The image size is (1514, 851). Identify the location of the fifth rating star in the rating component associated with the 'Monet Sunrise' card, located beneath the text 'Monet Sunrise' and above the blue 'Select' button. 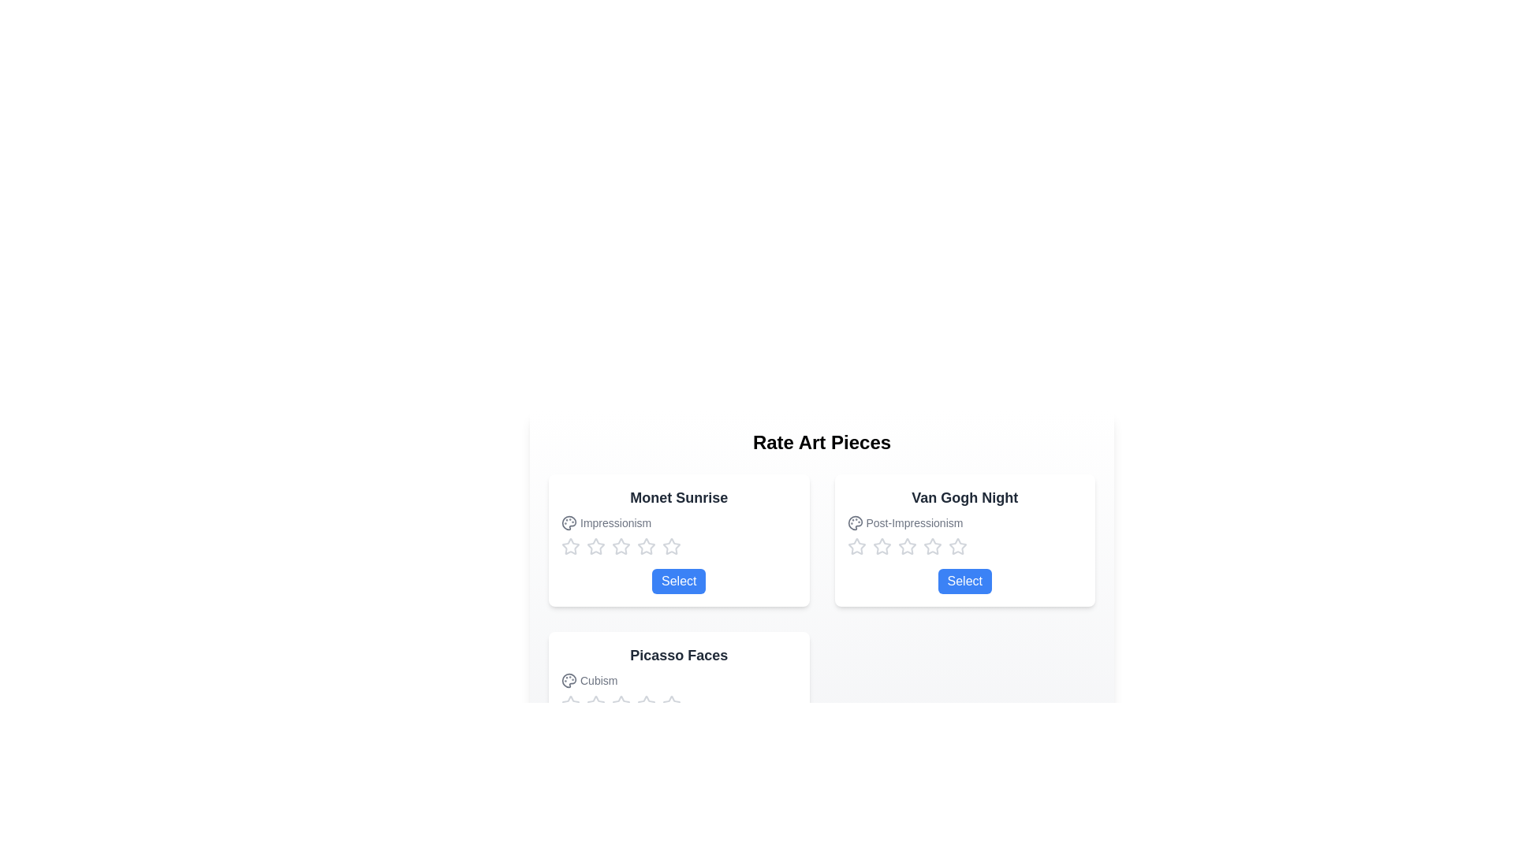
(671, 546).